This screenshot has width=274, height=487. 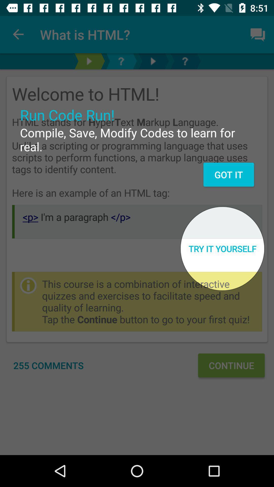 What do you see at coordinates (121, 61) in the screenshot?
I see `question` at bounding box center [121, 61].